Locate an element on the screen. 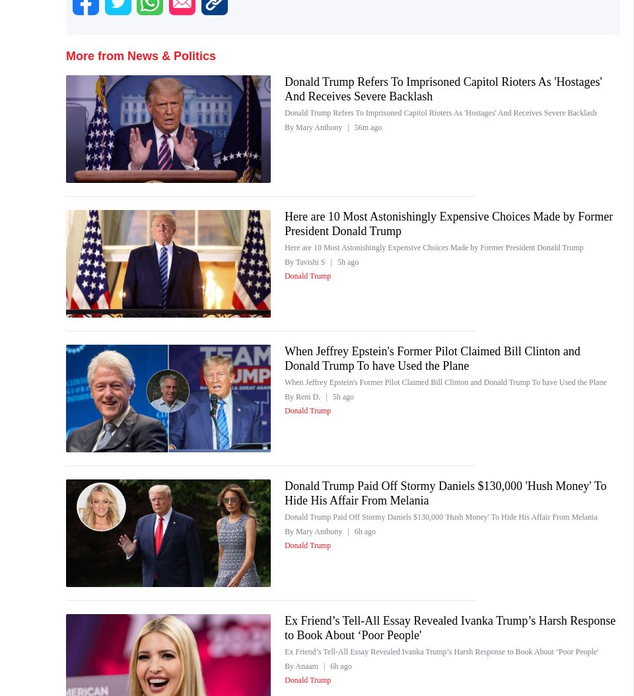 This screenshot has height=696, width=634. 'By Reni D.' is located at coordinates (302, 396).